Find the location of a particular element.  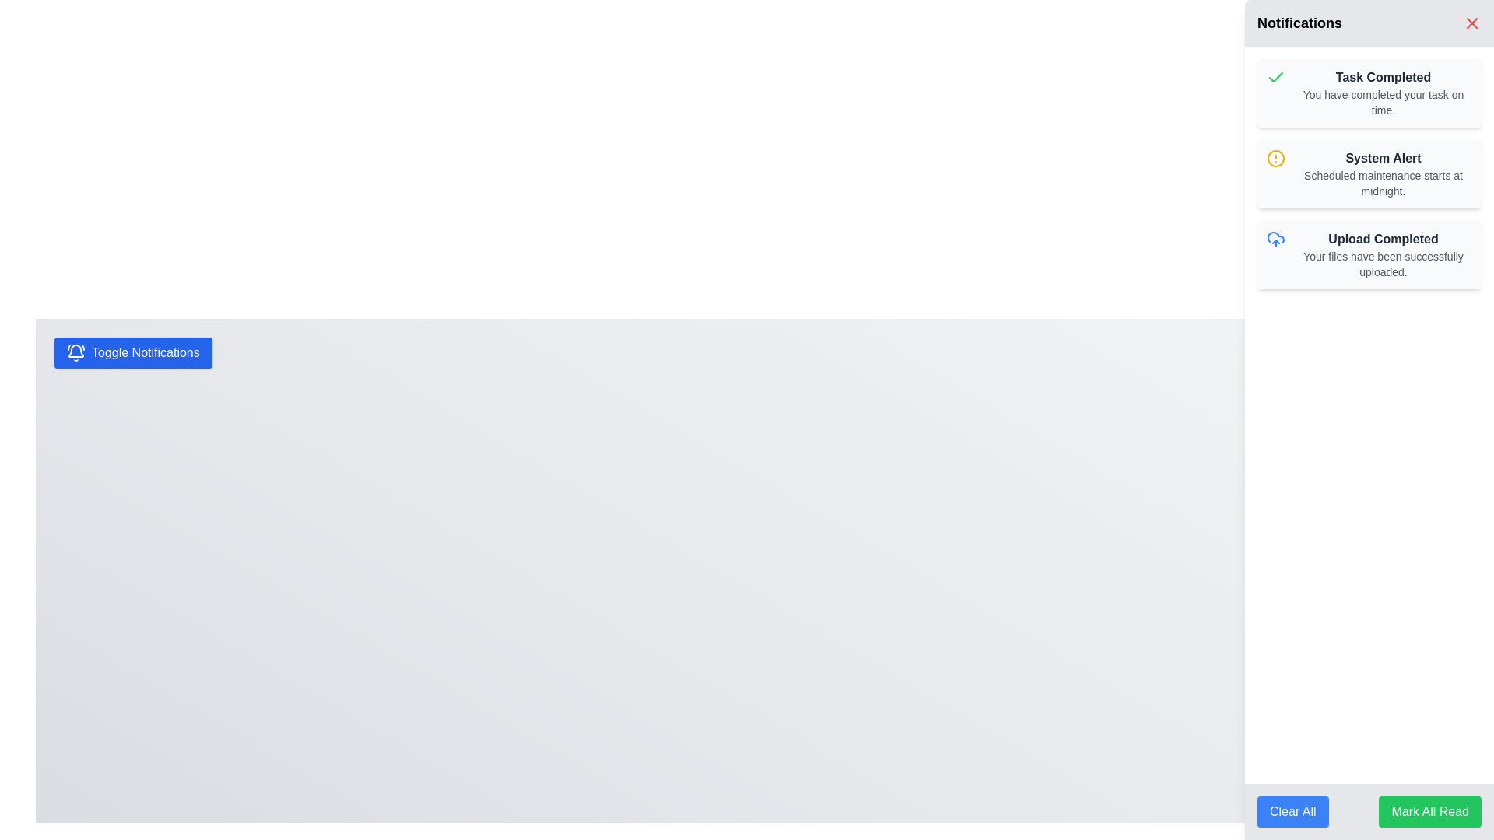

the circular yellow icon with an alert symbol in the notification panel, which is the leftmost component of the 'System Alert' card is located at coordinates (1276, 159).